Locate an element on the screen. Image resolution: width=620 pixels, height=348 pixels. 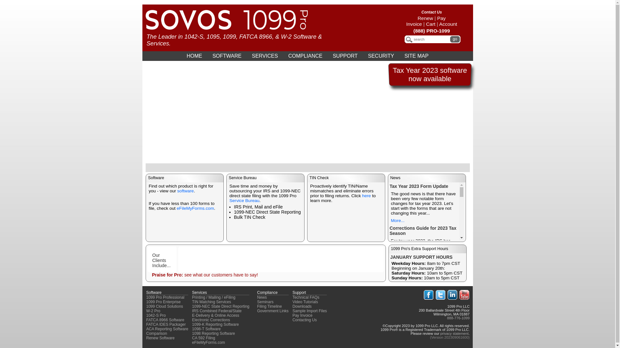
'Praise for Pro: see what our customers have to say!' is located at coordinates (204, 275).